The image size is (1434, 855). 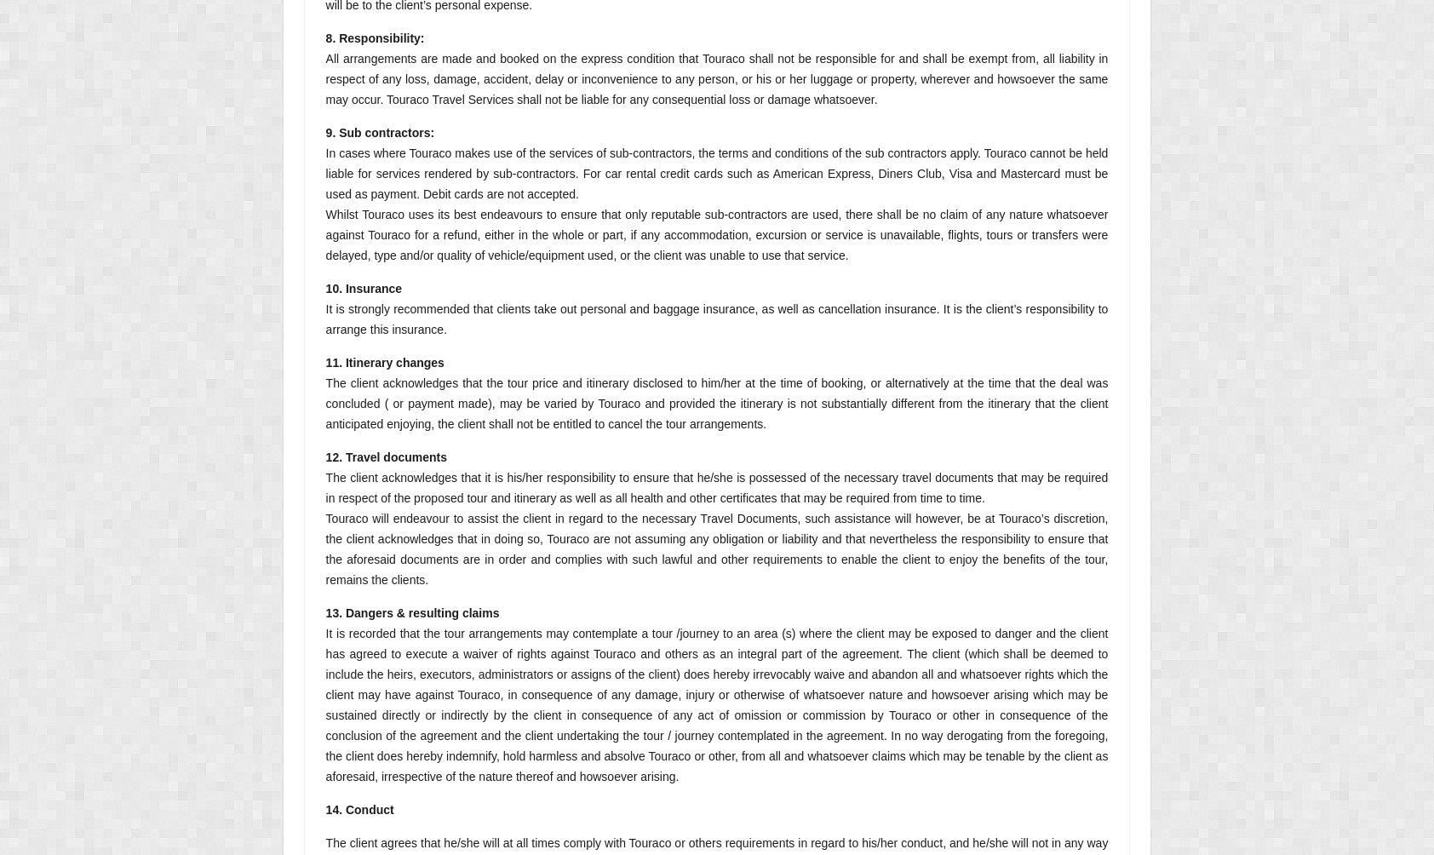 I want to click on '12. Travel documents', so click(x=324, y=457).